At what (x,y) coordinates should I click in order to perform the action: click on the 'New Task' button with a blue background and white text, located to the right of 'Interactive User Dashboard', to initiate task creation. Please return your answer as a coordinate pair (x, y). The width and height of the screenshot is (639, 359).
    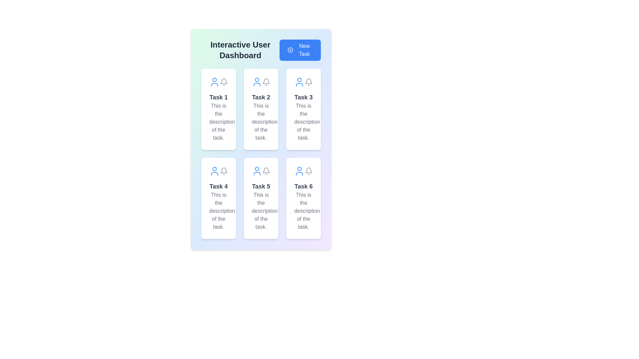
    Looking at the image, I should click on (300, 50).